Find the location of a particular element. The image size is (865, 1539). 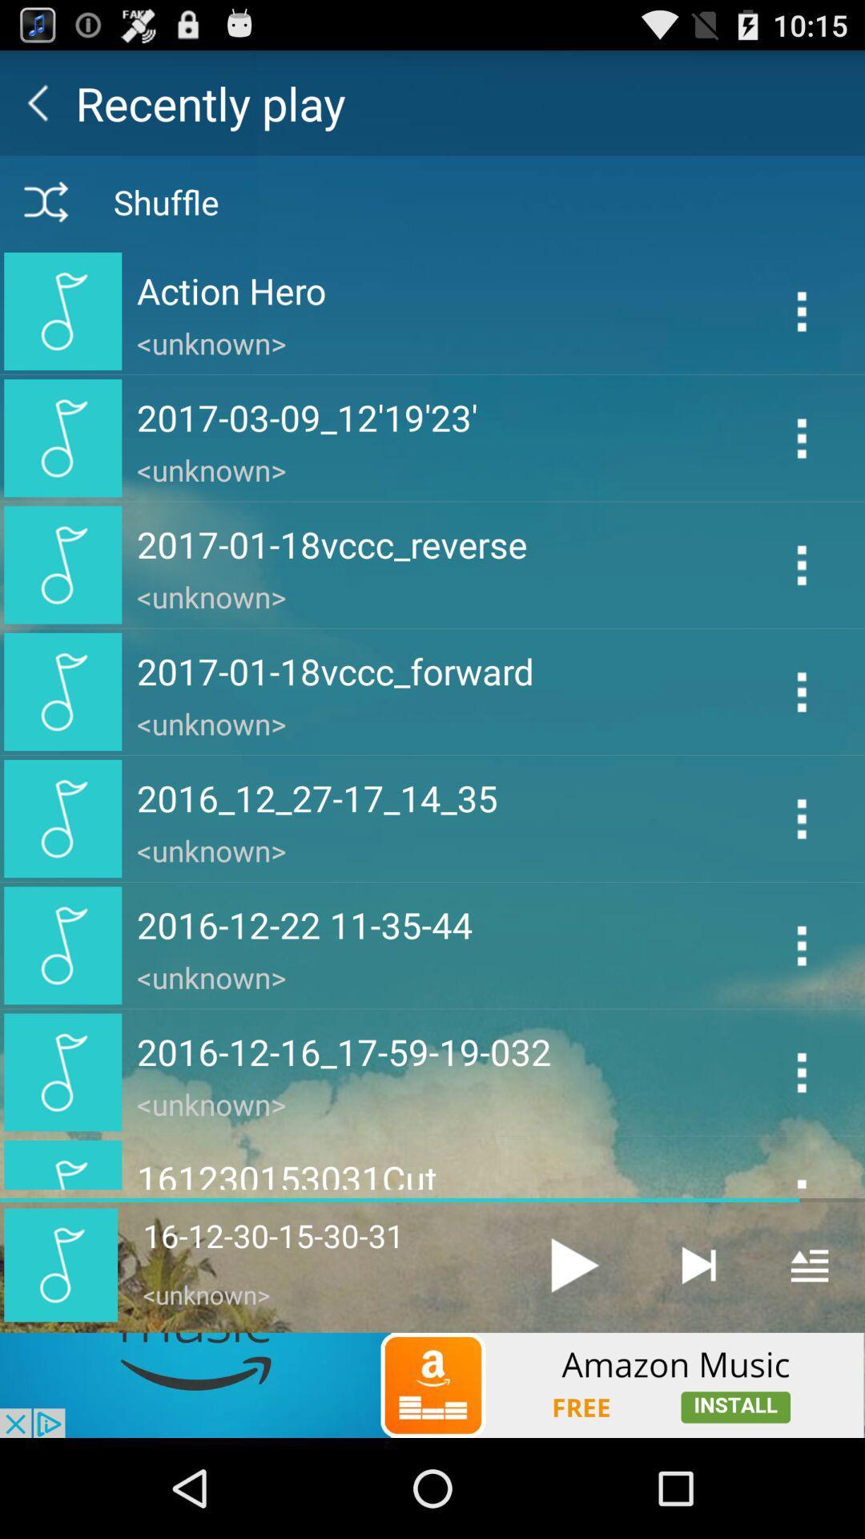

go back is located at coordinates (37, 102).